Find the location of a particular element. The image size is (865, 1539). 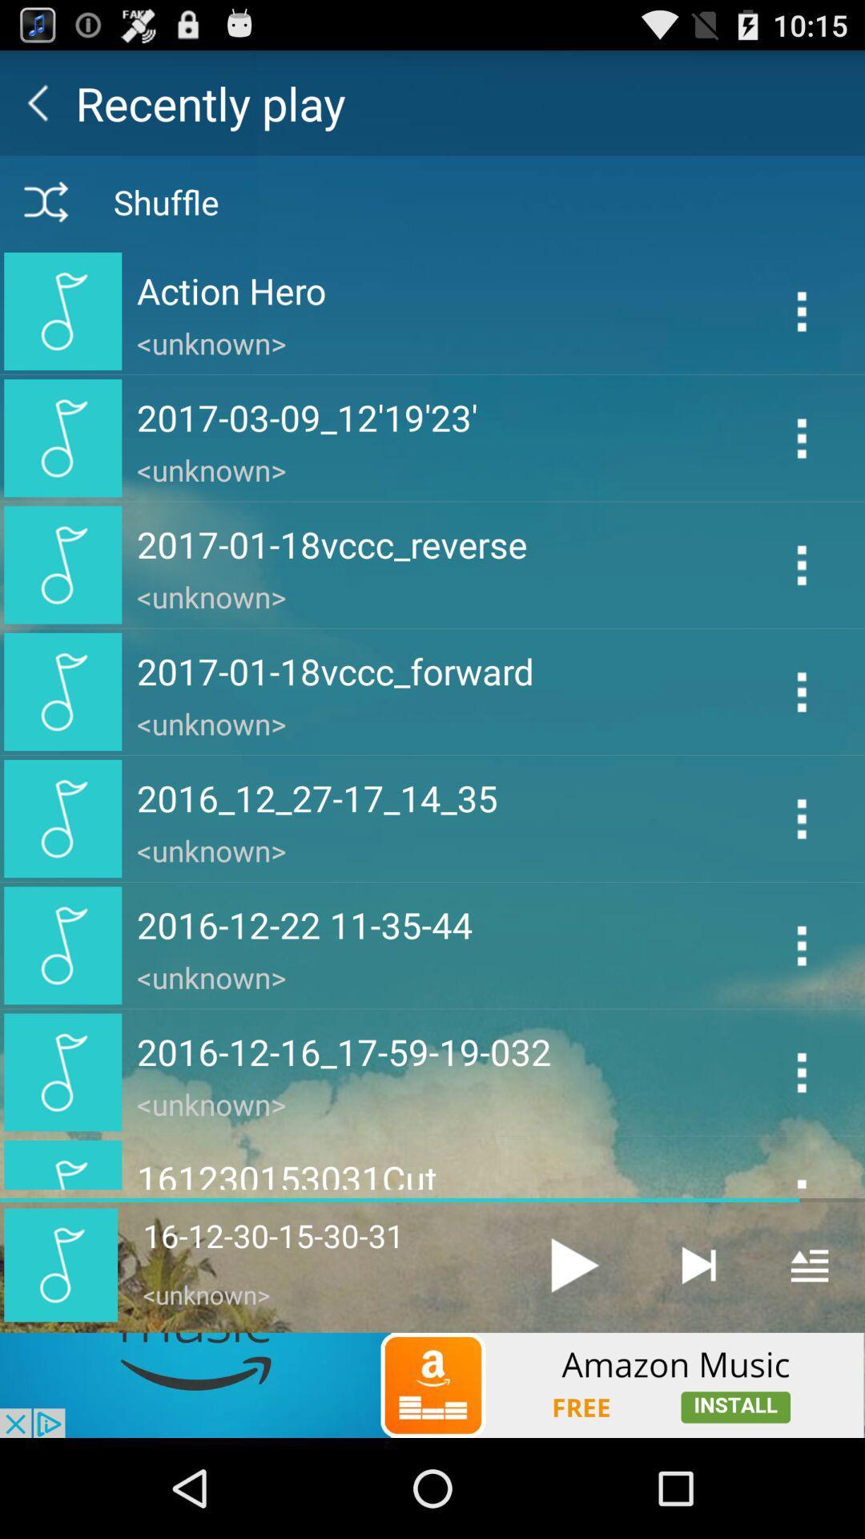

go back is located at coordinates (37, 102).